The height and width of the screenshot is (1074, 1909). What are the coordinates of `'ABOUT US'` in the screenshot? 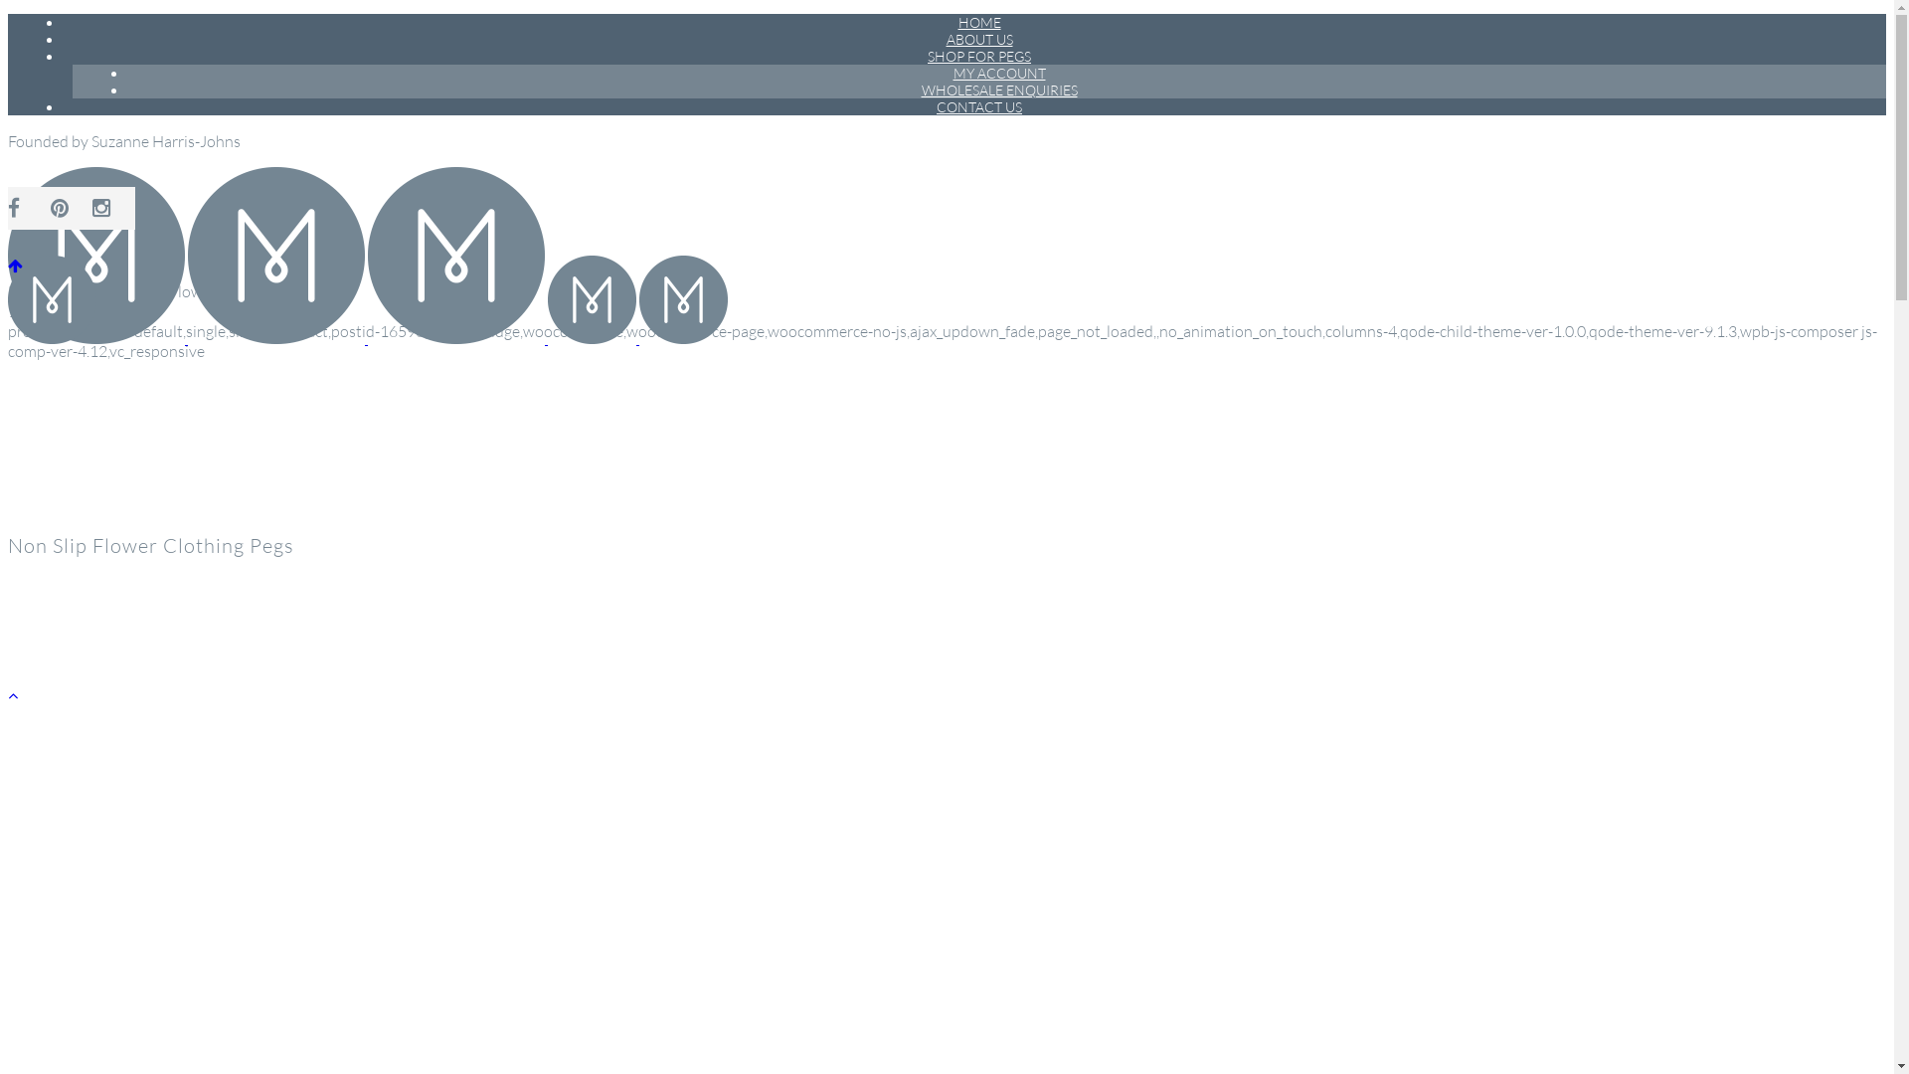 It's located at (930, 39).